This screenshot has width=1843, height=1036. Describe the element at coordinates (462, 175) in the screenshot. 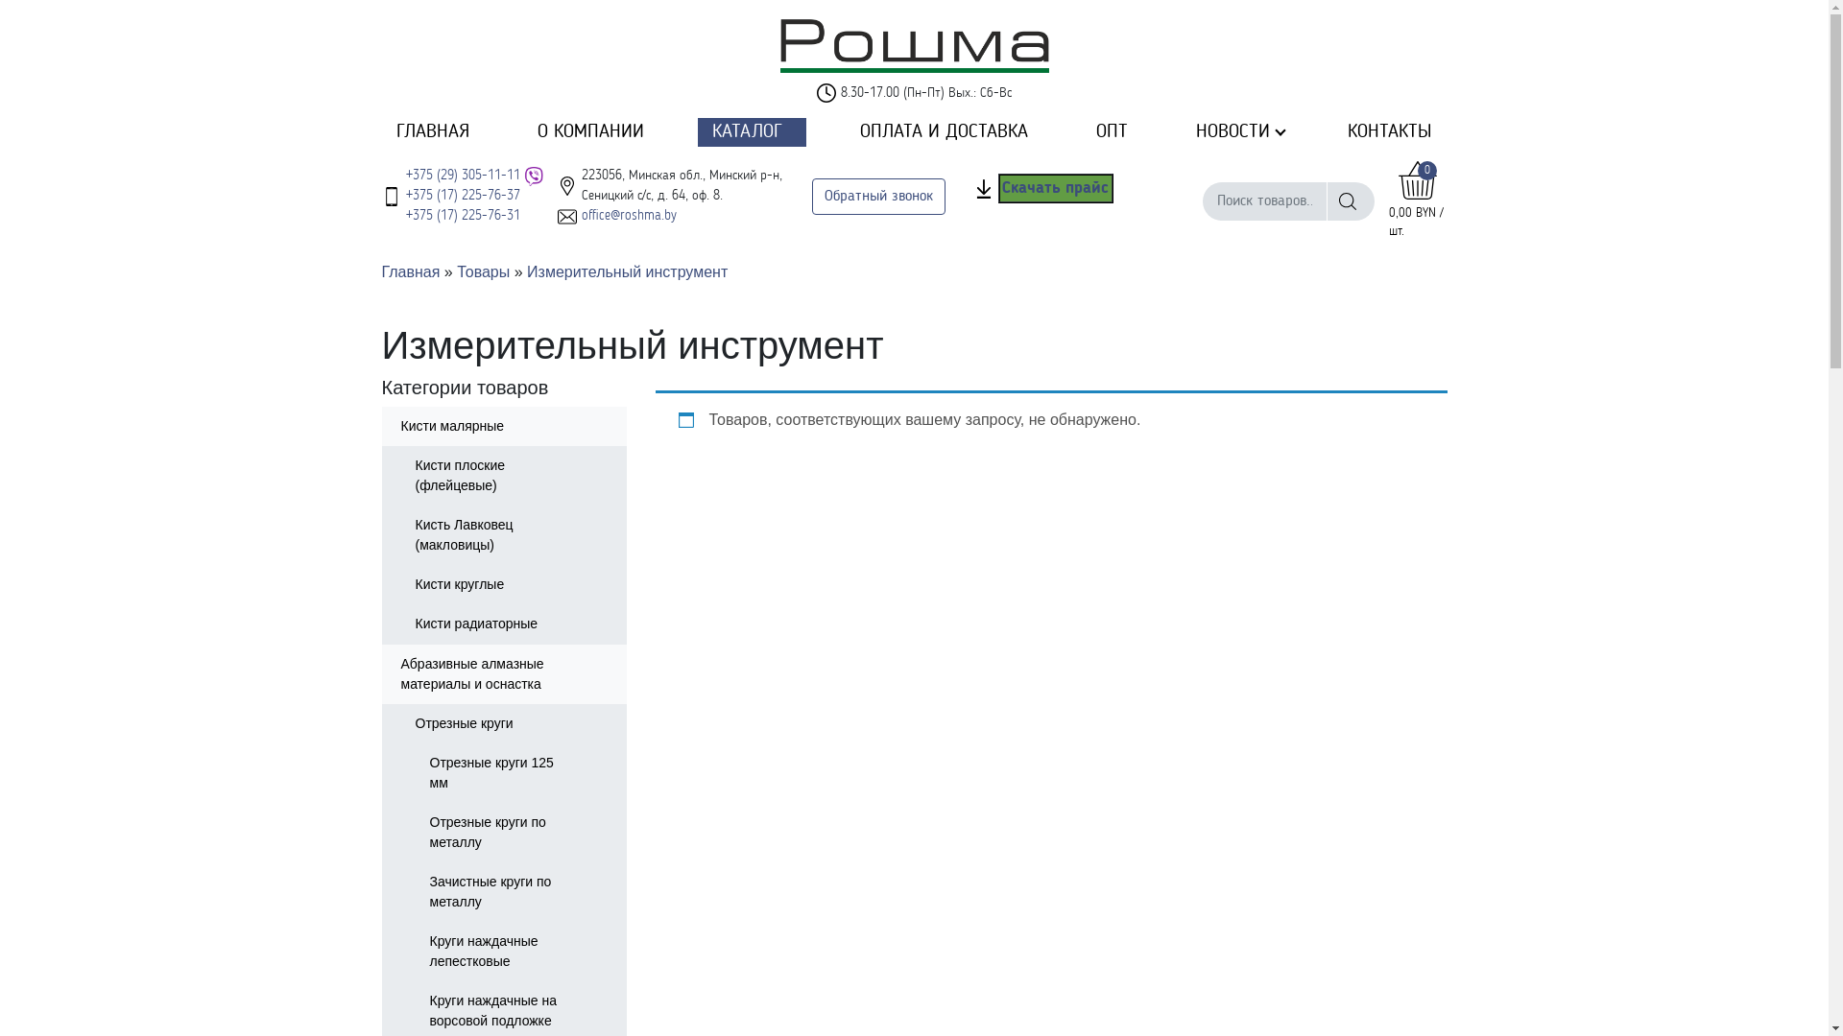

I see `'+375 (29) 305-11-11'` at that location.